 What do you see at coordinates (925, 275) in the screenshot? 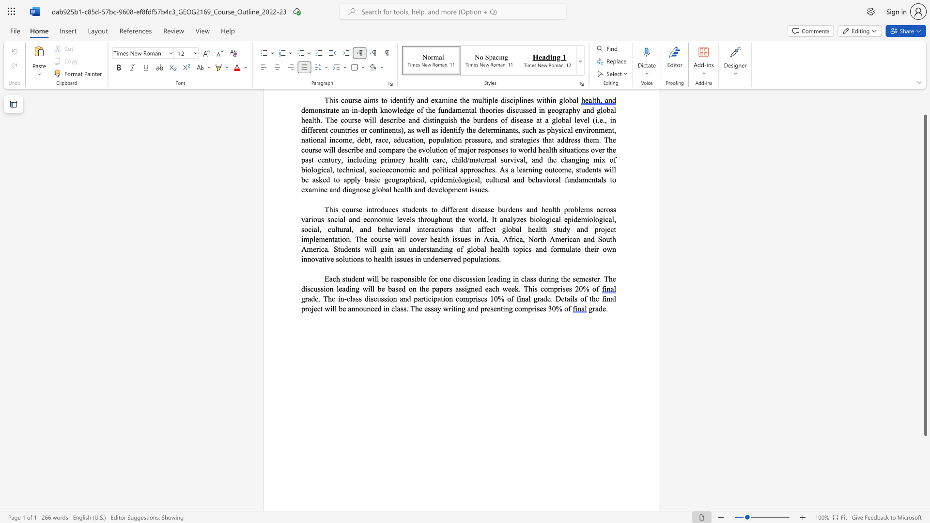
I see `the scrollbar and move down 150 pixels` at bounding box center [925, 275].